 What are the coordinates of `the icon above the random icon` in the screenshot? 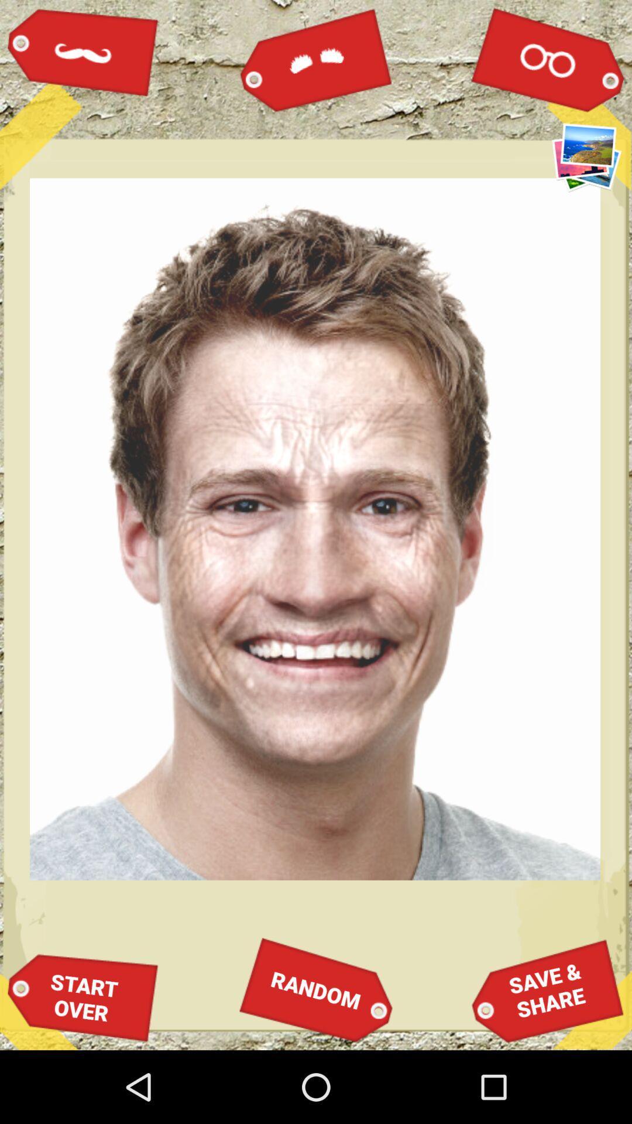 It's located at (316, 59).